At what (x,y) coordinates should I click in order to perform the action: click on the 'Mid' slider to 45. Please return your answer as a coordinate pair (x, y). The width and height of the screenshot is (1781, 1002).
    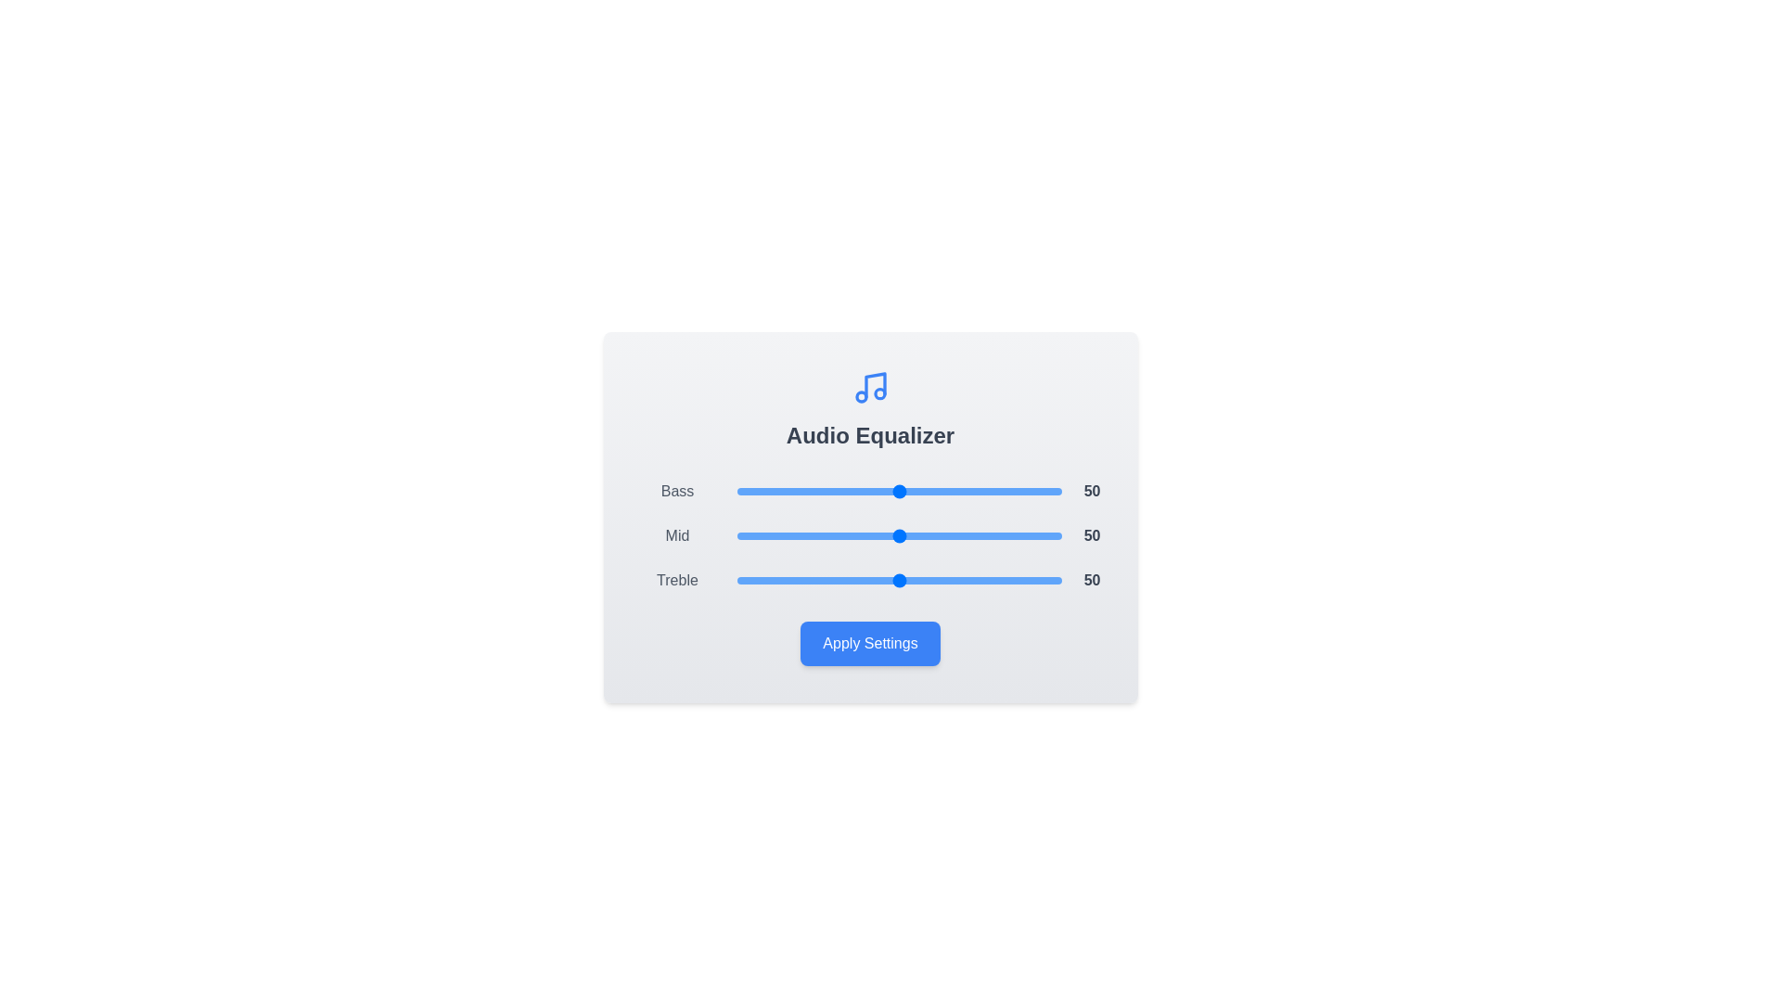
    Looking at the image, I should click on (882, 536).